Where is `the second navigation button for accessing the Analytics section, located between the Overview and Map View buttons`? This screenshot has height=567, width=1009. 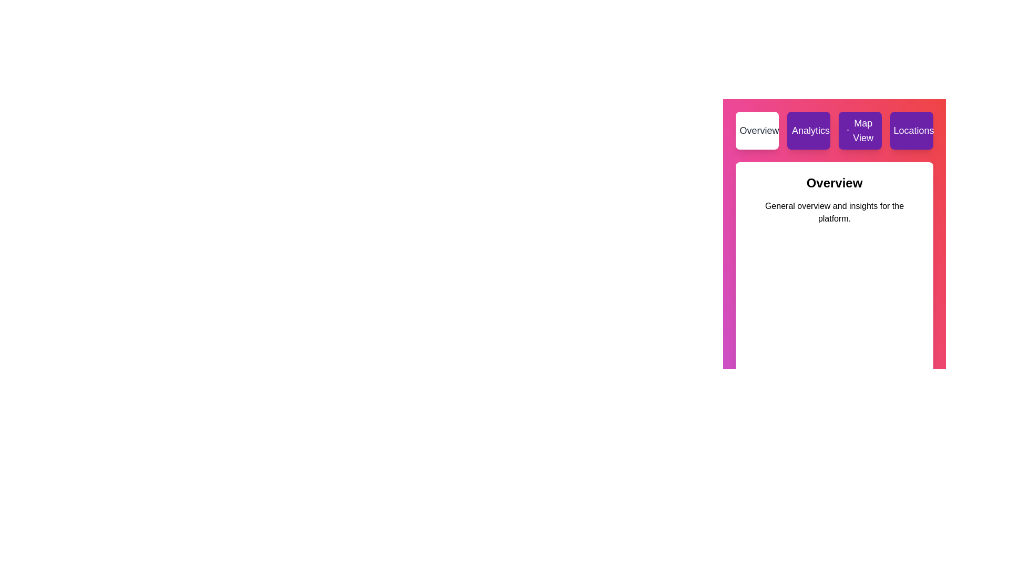
the second navigation button for accessing the Analytics section, located between the Overview and Map View buttons is located at coordinates (810, 130).